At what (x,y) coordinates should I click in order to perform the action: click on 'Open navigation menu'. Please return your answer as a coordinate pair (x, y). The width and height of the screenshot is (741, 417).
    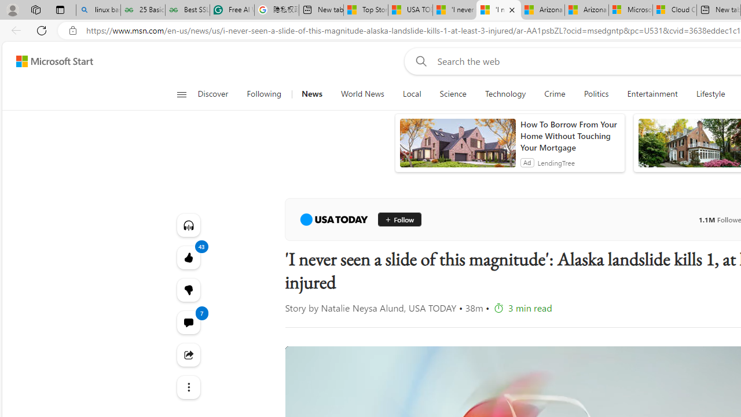
    Looking at the image, I should click on (181, 94).